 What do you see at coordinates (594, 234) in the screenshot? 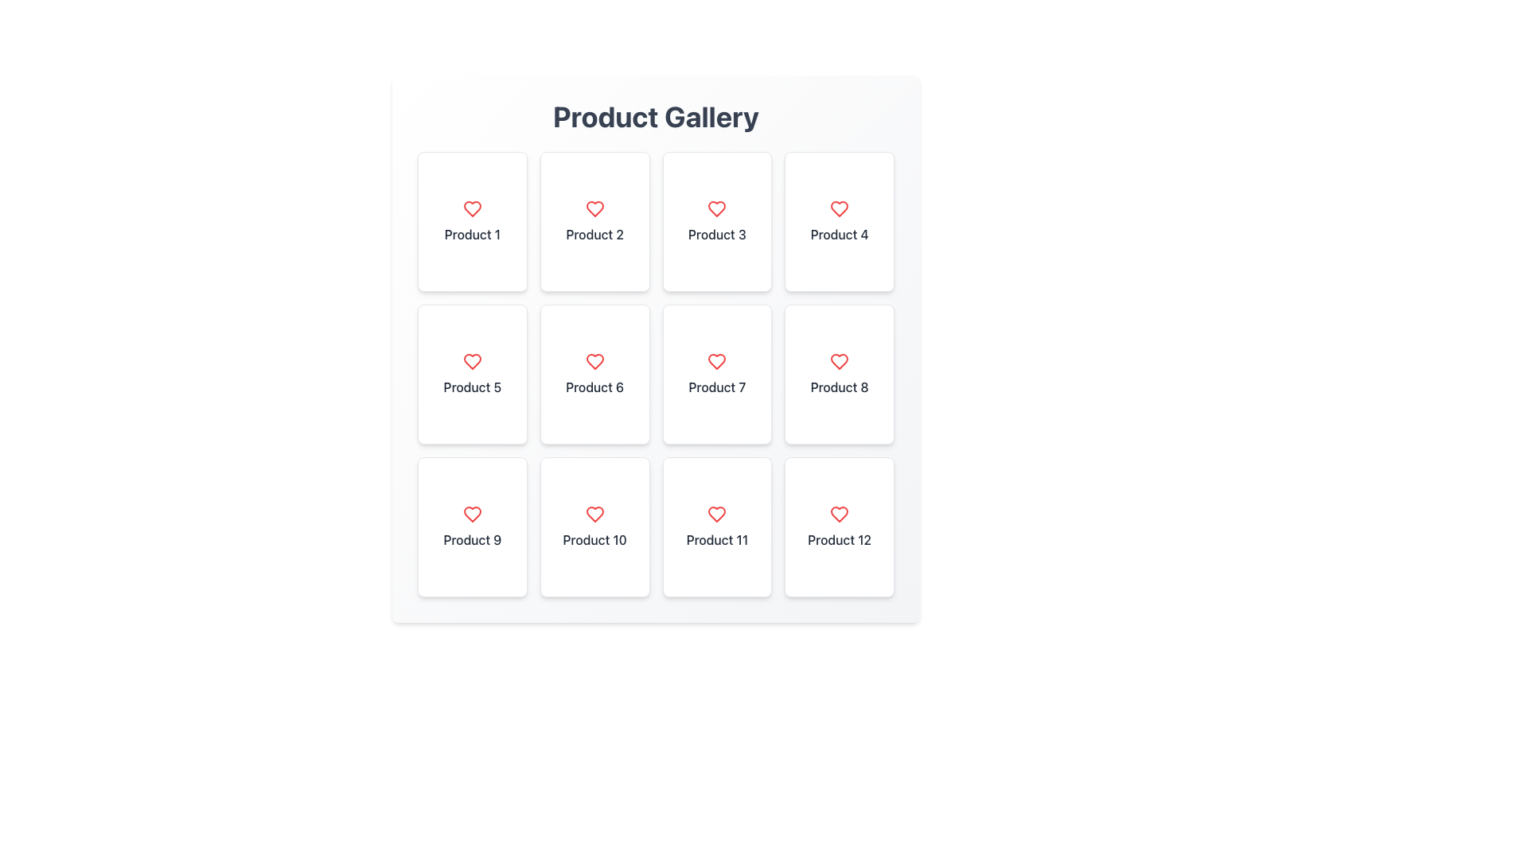
I see `the text element displaying 'Product 2', which is located in the second card of a 4x3 grid arrangement, positioned directly under a heart icon` at bounding box center [594, 234].